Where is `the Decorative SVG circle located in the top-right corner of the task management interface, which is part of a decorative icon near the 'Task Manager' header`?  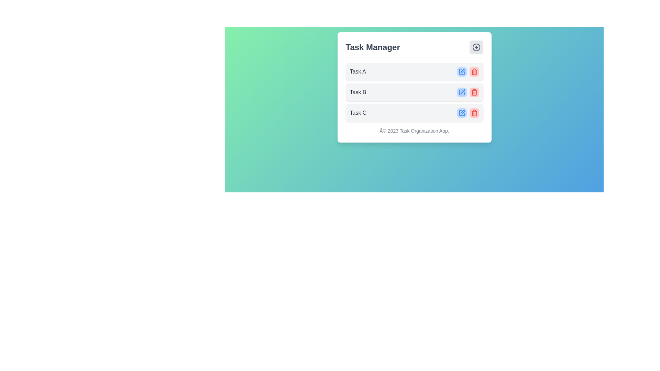 the Decorative SVG circle located in the top-right corner of the task management interface, which is part of a decorative icon near the 'Task Manager' header is located at coordinates (476, 47).